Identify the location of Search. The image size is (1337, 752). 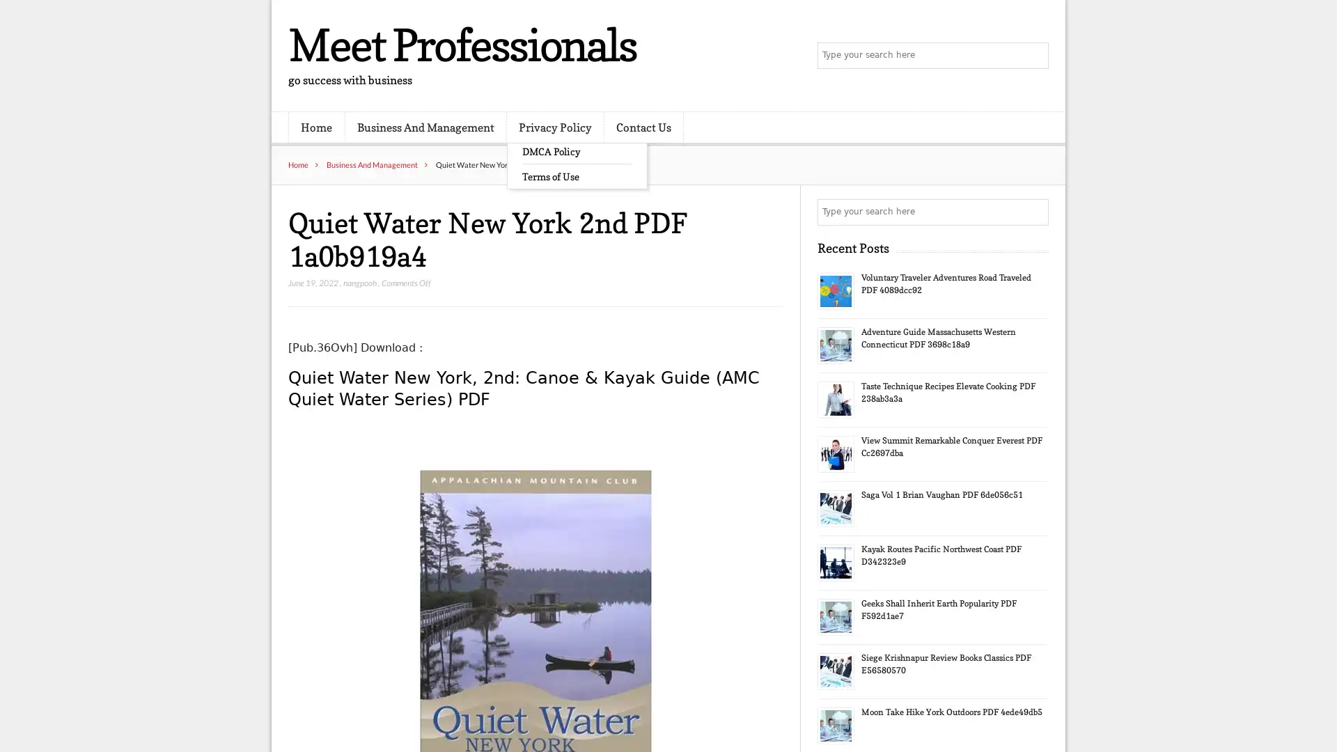
(1034, 56).